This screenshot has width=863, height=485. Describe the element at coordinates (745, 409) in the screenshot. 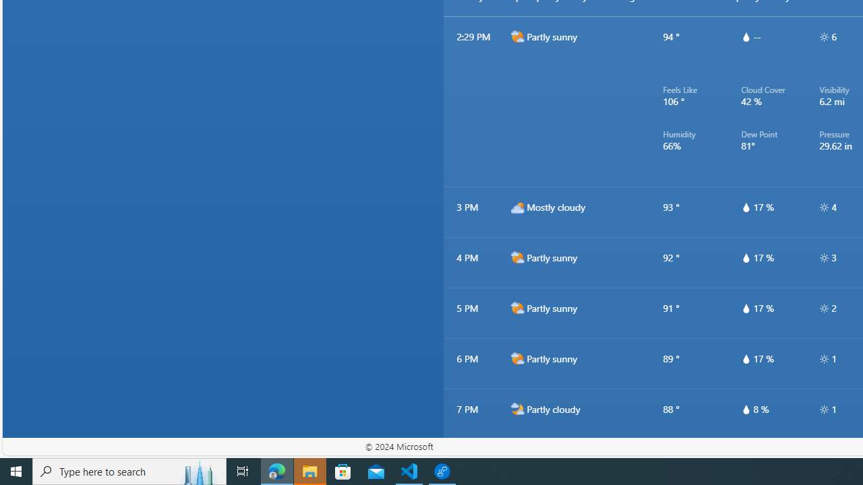

I see `'hourlyTable/drop'` at that location.